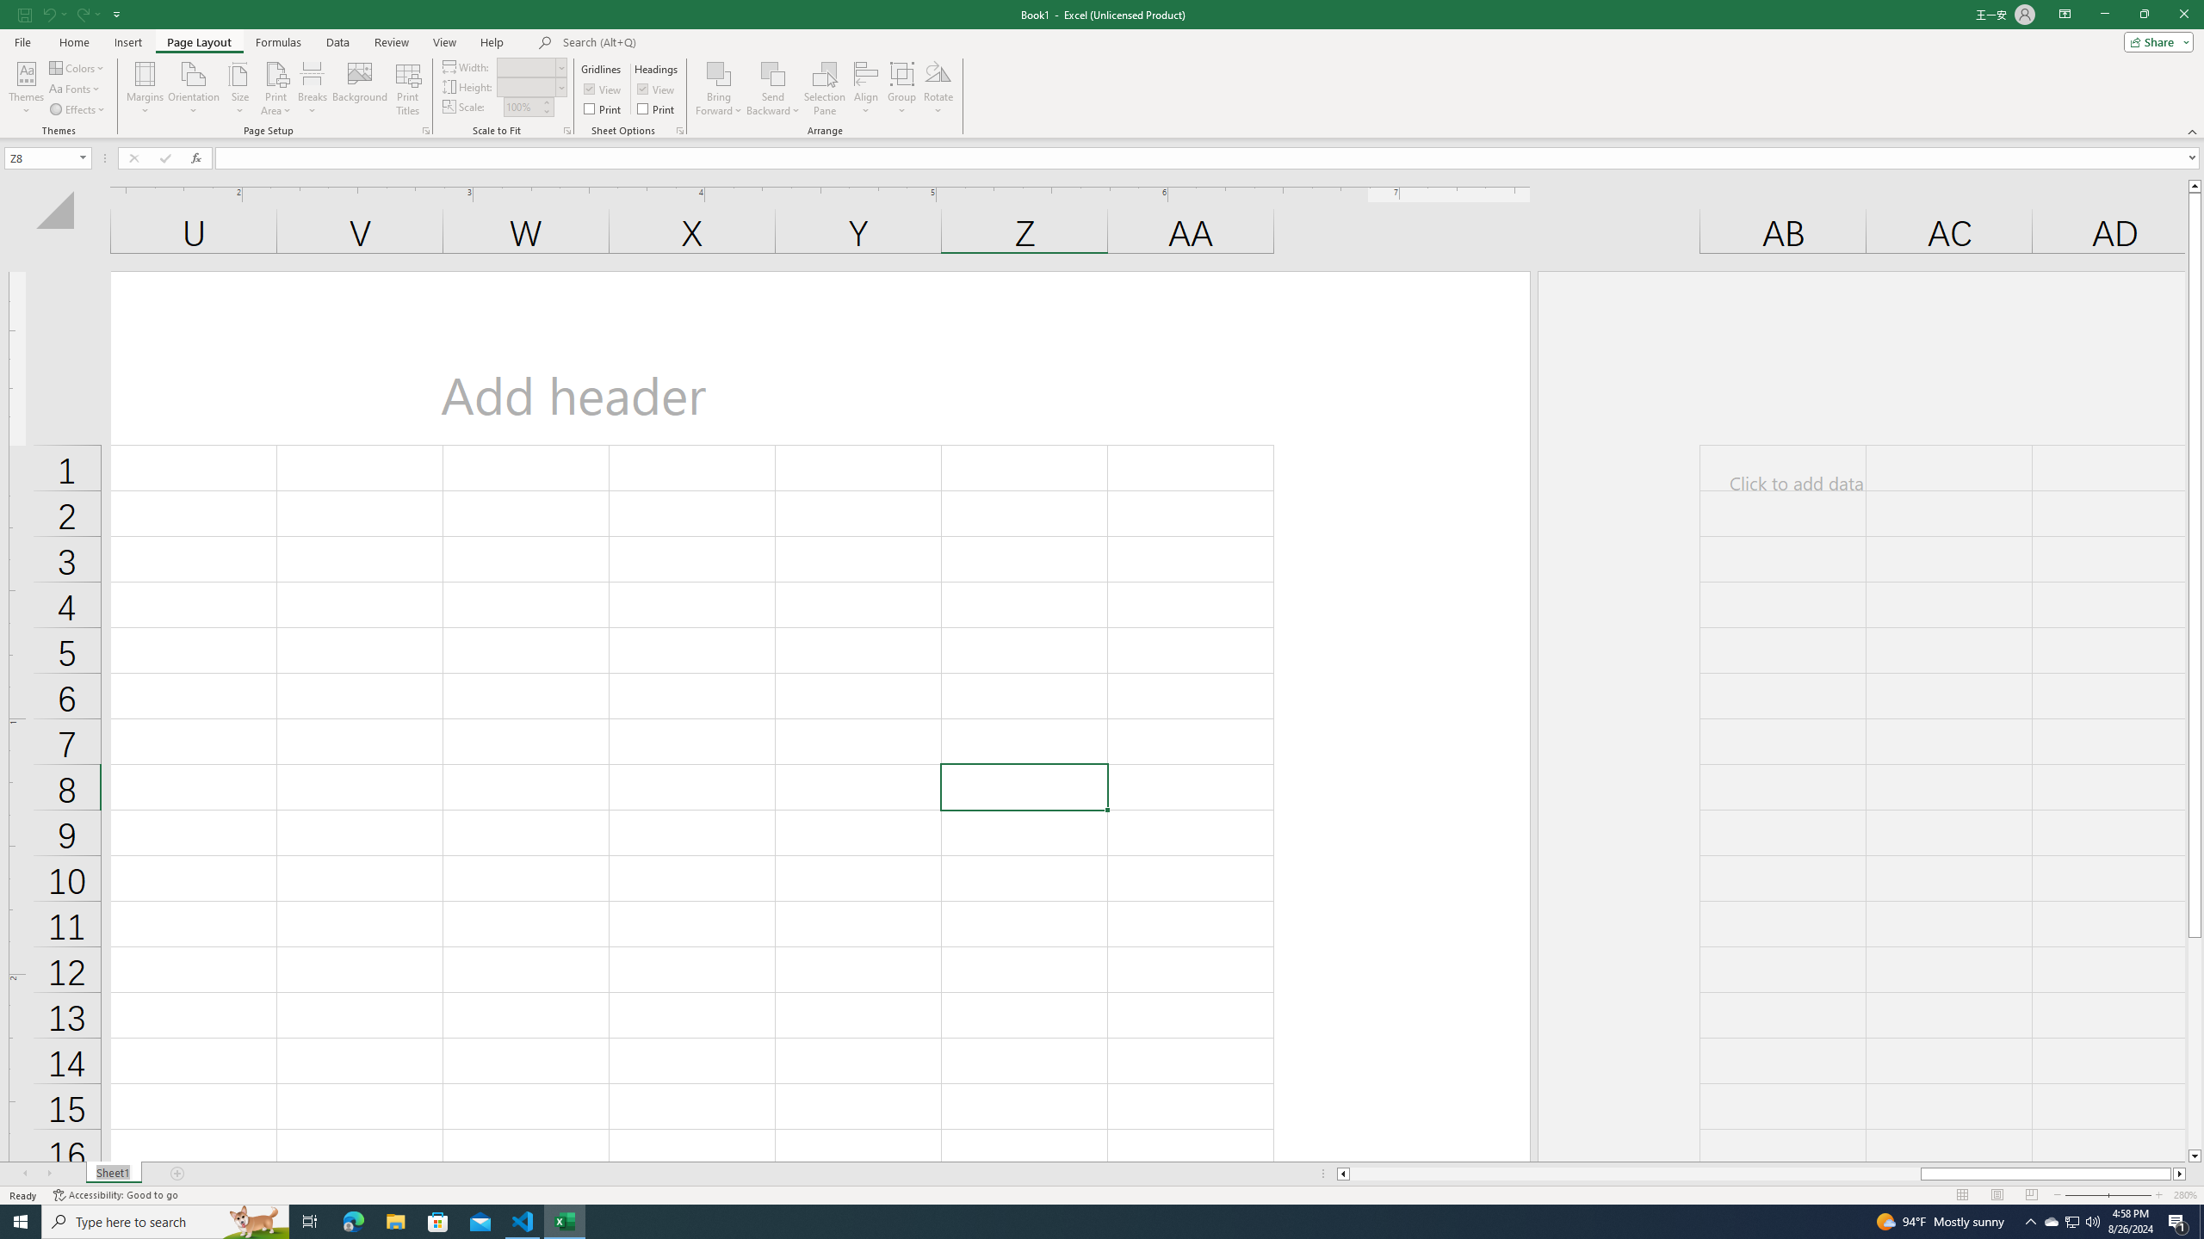  What do you see at coordinates (239, 89) in the screenshot?
I see `'Size'` at bounding box center [239, 89].